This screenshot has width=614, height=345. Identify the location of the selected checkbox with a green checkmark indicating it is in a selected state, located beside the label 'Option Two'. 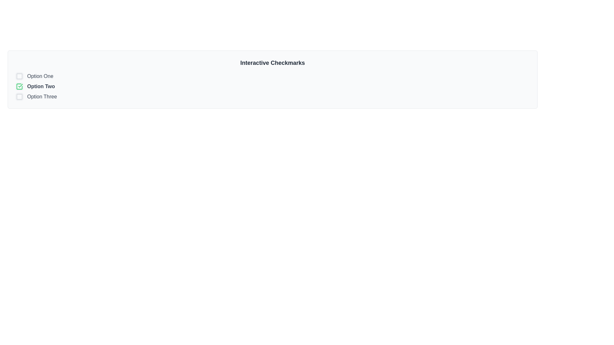
(20, 86).